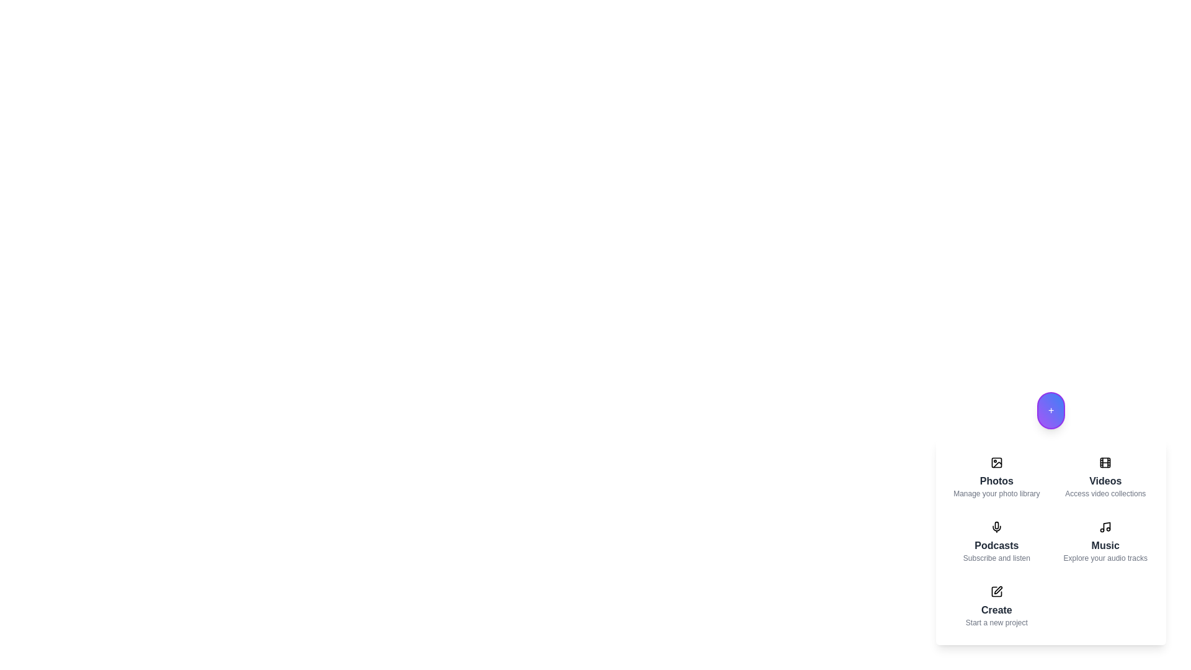 The image size is (1191, 670). Describe the element at coordinates (1050, 411) in the screenshot. I see `the main action button to toggle the menu` at that location.